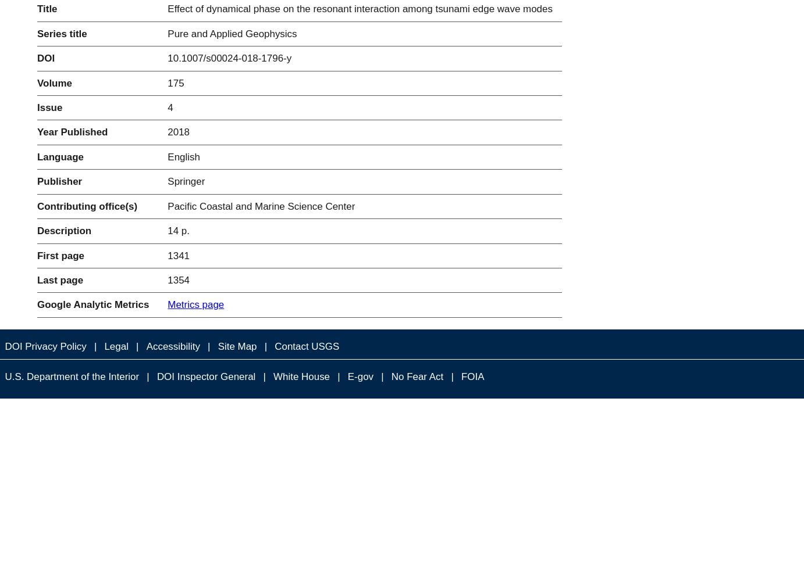 The image size is (804, 581). Describe the element at coordinates (175, 83) in the screenshot. I see `'175'` at that location.